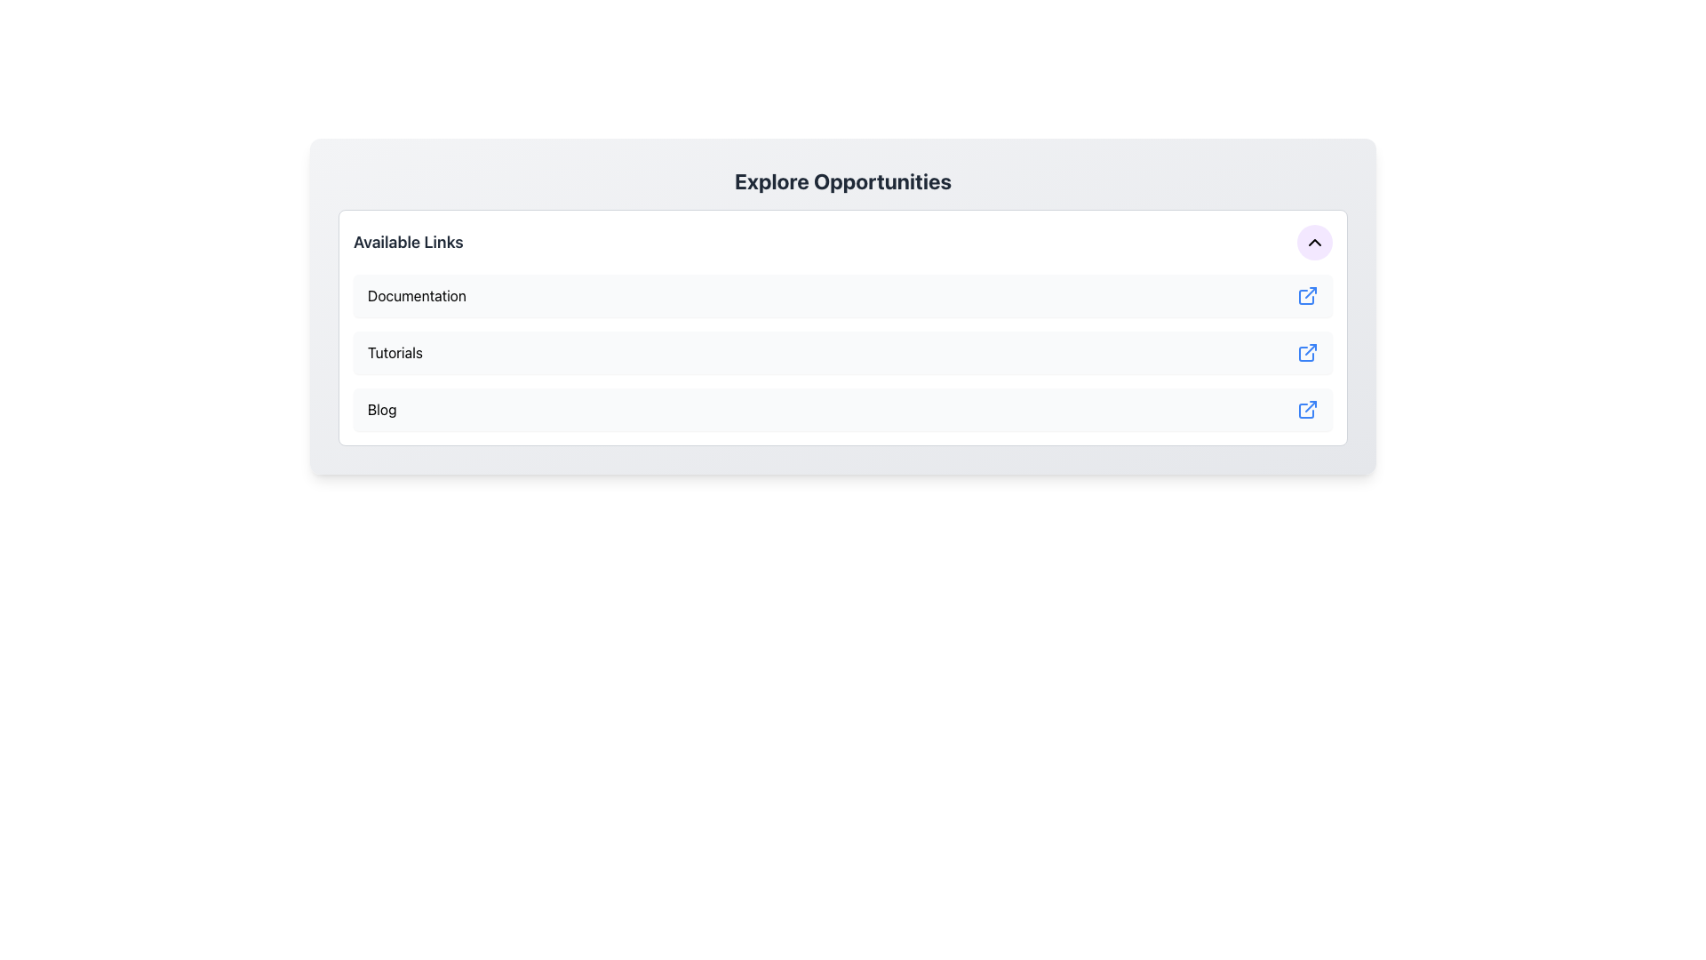 This screenshot has width=1706, height=960. I want to click on the decorative icon located to the far-right of the 'Blog' row in the 'Available Links' list, so click(1306, 411).